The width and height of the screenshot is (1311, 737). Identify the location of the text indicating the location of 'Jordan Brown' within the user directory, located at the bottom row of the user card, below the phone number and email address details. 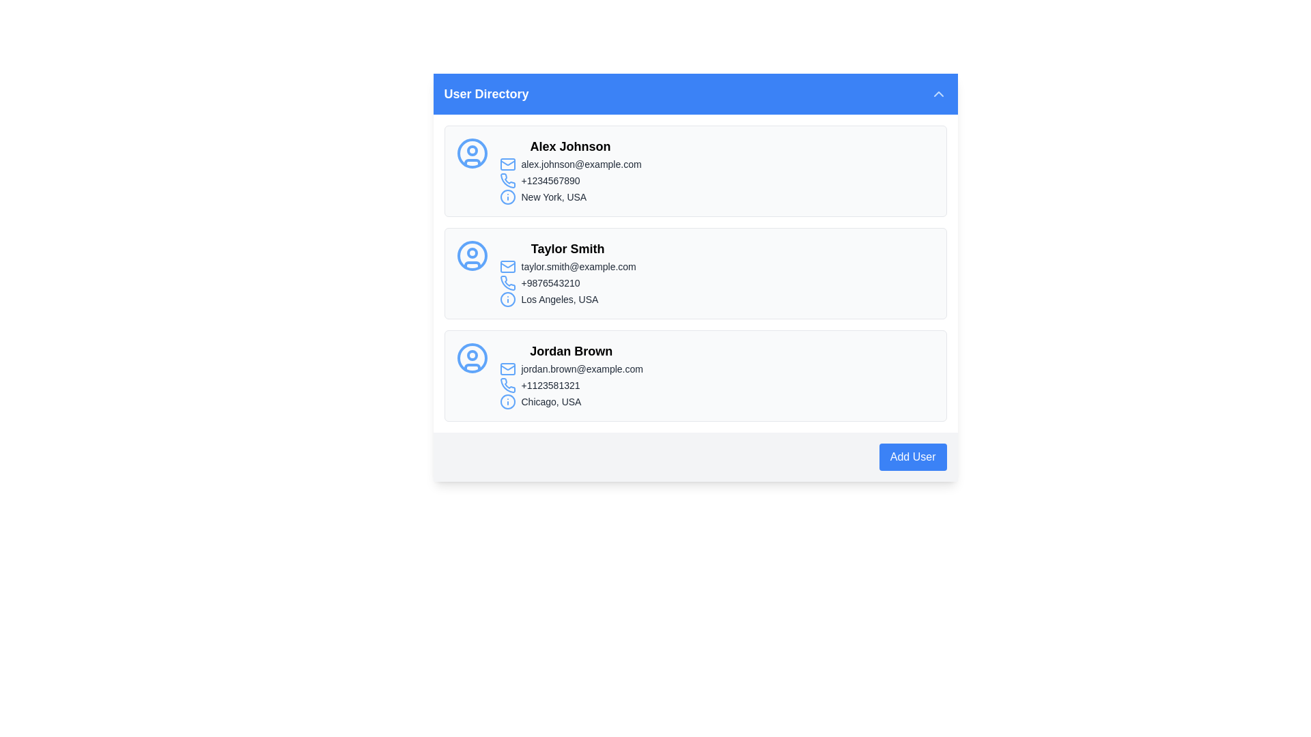
(571, 401).